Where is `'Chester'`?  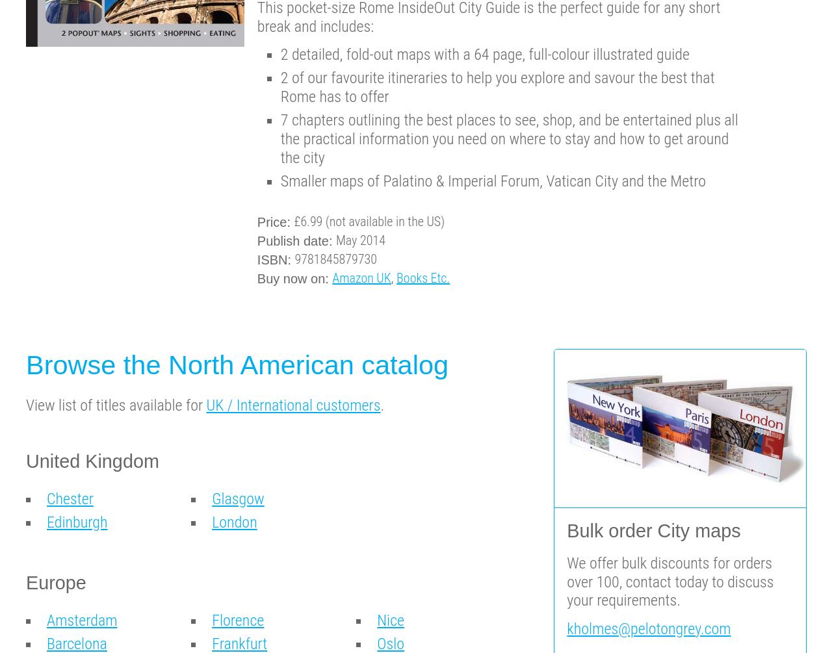 'Chester' is located at coordinates (47, 499).